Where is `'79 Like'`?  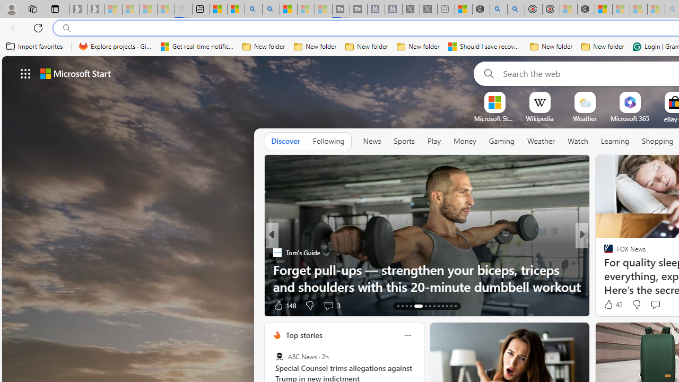 '79 Like' is located at coordinates (610, 305).